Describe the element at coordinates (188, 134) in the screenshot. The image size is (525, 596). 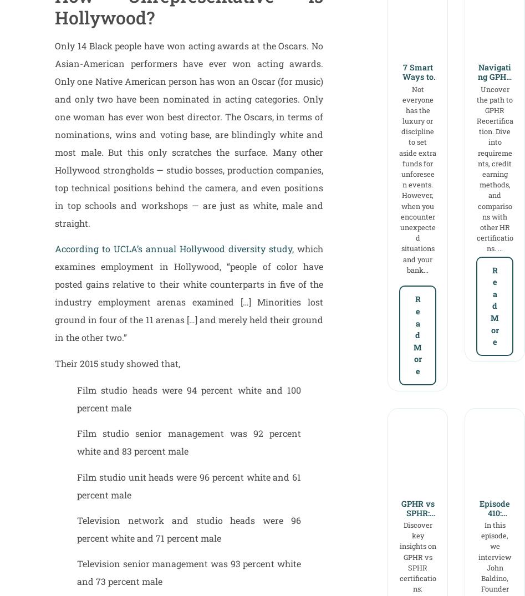
I see `'Only 14 Black people have won acting awards at the Oscars. No Asian-American performers have ever won acting awards. Only one Native American person has won an Oscar (for music) and only two have been nominated in acting categories. Only one woman has ever won best director. The Oscars, in terms of nominations, wins and voting base, are blindingly white and most male. But this only scratches the surface. Many other Hollywood strongholds — studio bosses, production companies, top technical positions behind the camera, and even positions in top schools and workshops — are just as white, male and straight.'` at that location.